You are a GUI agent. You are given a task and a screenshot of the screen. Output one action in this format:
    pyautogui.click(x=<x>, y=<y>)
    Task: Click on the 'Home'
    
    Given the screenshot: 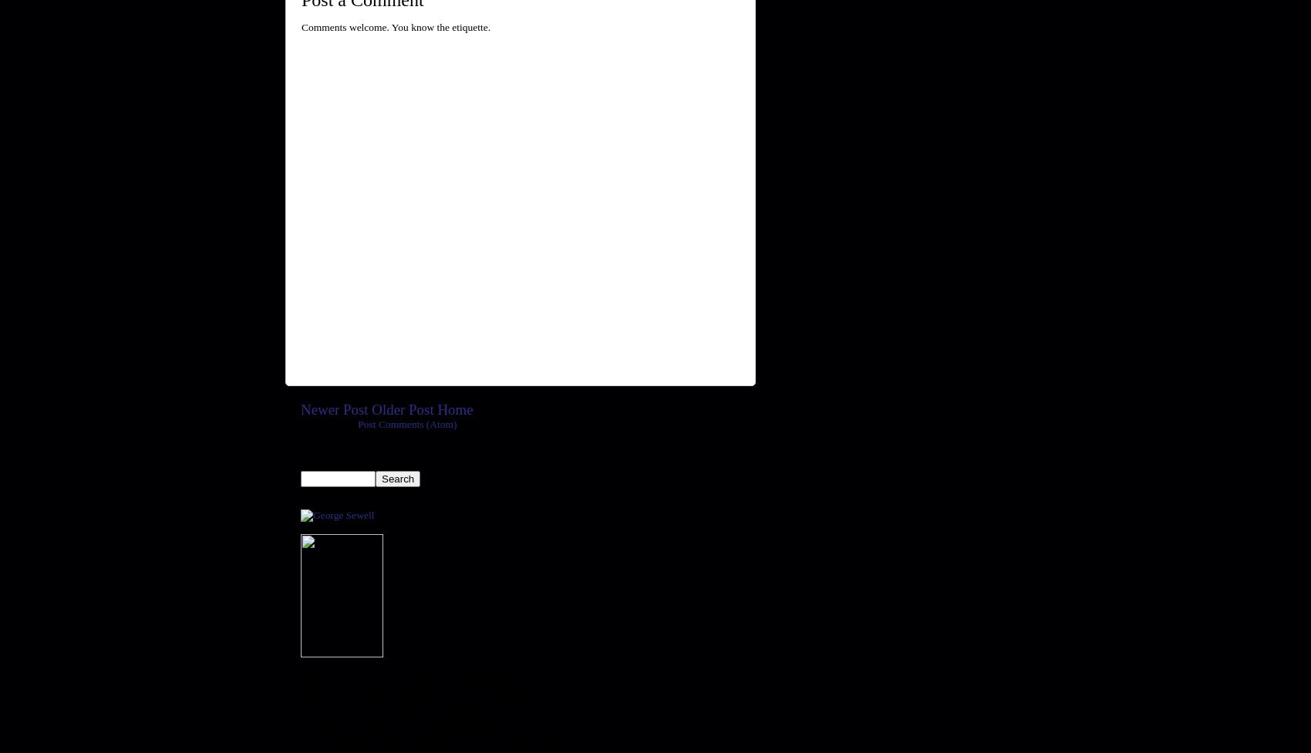 What is the action you would take?
    pyautogui.click(x=454, y=408)
    